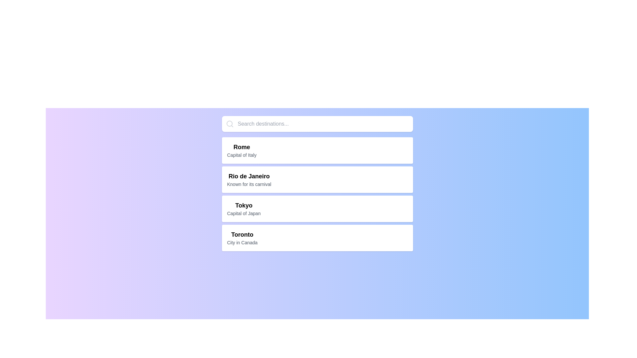 The width and height of the screenshot is (637, 358). Describe the element at coordinates (242, 243) in the screenshot. I see `the descriptive text label for the city 'Toronto', which is located beneath its title in the fourth card of the city information list` at that location.